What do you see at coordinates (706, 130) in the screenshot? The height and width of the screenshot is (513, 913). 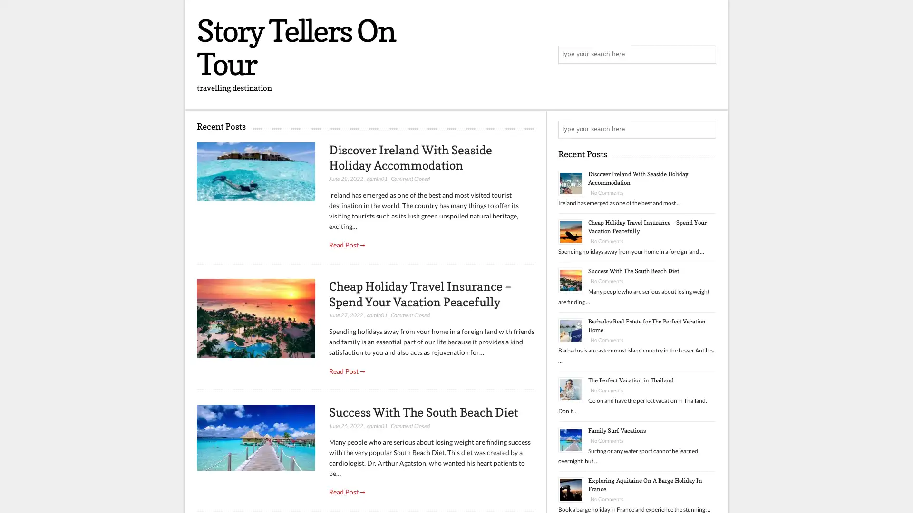 I see `Search` at bounding box center [706, 130].